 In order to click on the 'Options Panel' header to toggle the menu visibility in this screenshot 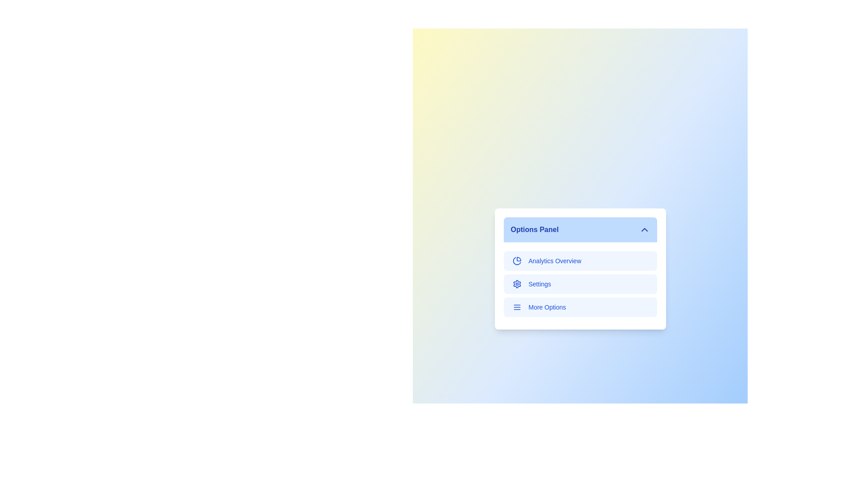, I will do `click(580, 229)`.